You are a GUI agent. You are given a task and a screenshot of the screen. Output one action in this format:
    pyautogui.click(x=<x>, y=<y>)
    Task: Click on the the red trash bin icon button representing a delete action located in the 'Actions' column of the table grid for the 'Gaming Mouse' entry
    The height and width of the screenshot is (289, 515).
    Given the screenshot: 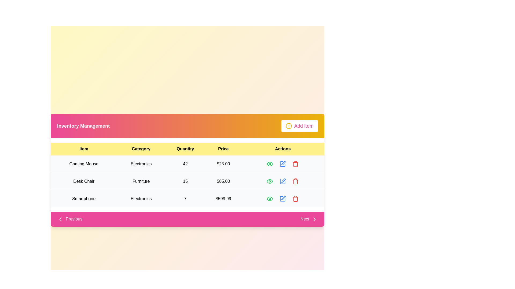 What is the action you would take?
    pyautogui.click(x=295, y=164)
    